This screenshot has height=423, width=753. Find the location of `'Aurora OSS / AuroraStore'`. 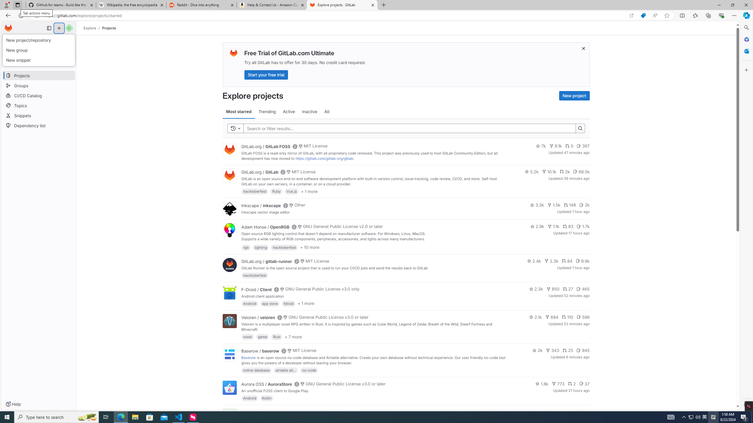

'Aurora OSS / AuroraStore' is located at coordinates (266, 384).